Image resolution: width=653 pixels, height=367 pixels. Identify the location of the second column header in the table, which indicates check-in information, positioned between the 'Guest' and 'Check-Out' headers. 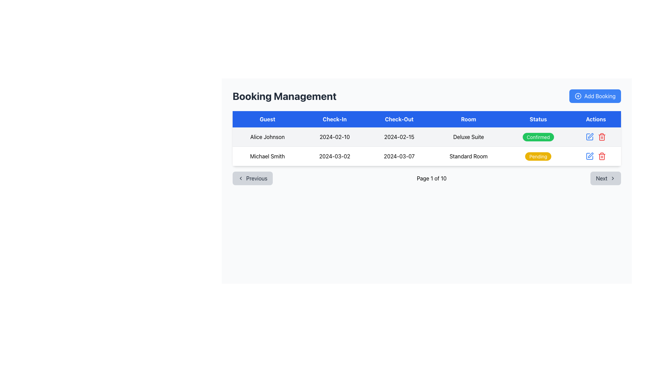
(335, 119).